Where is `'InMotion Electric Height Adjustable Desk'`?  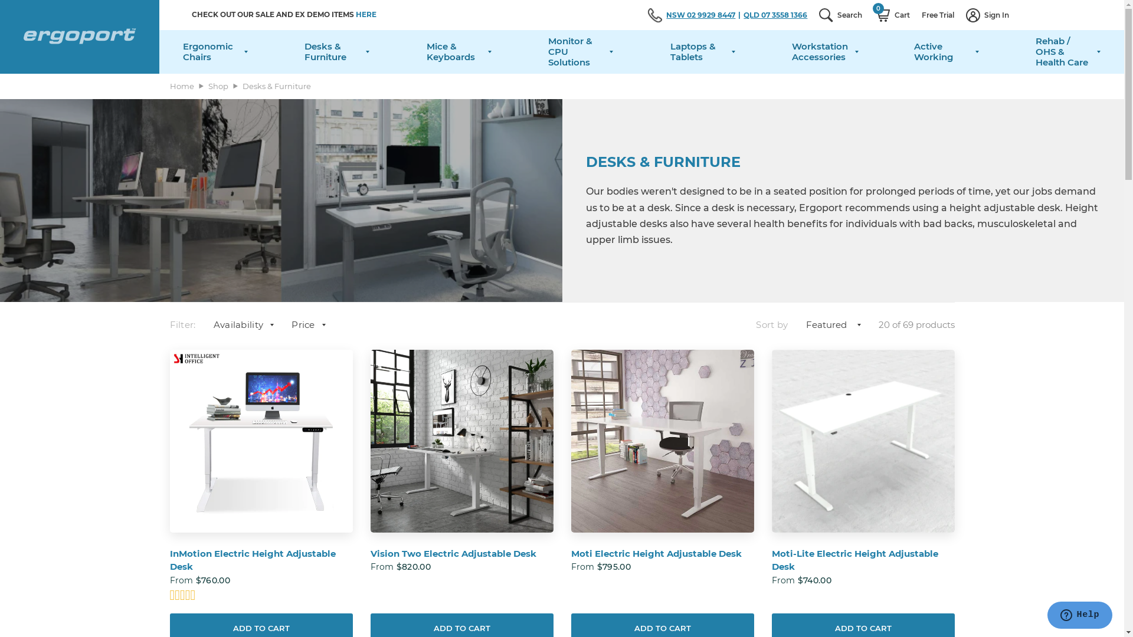 'InMotion Electric Height Adjustable Desk' is located at coordinates (260, 560).